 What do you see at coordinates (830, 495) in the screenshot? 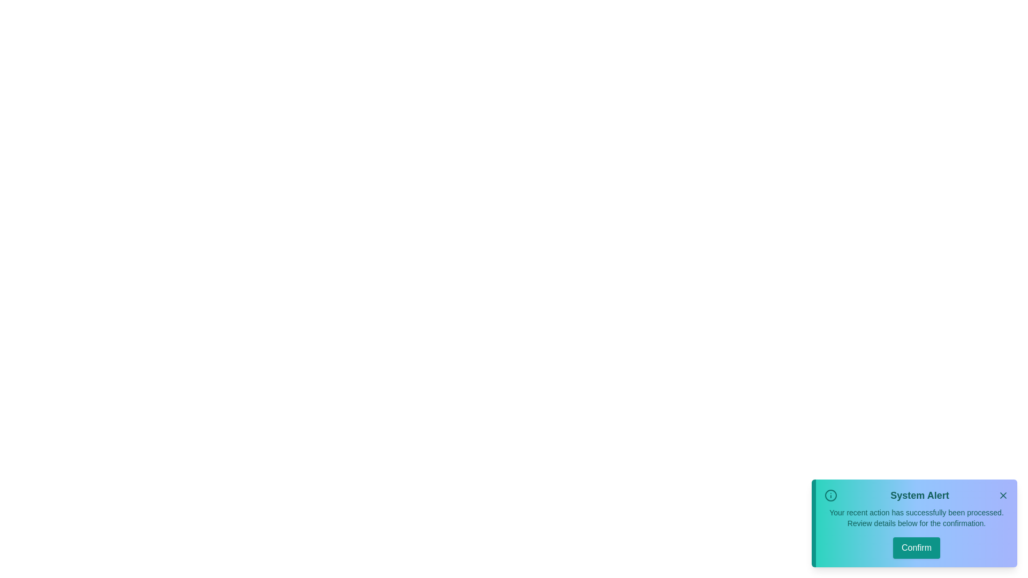
I see `the 'Info' icon to observe its details` at bounding box center [830, 495].